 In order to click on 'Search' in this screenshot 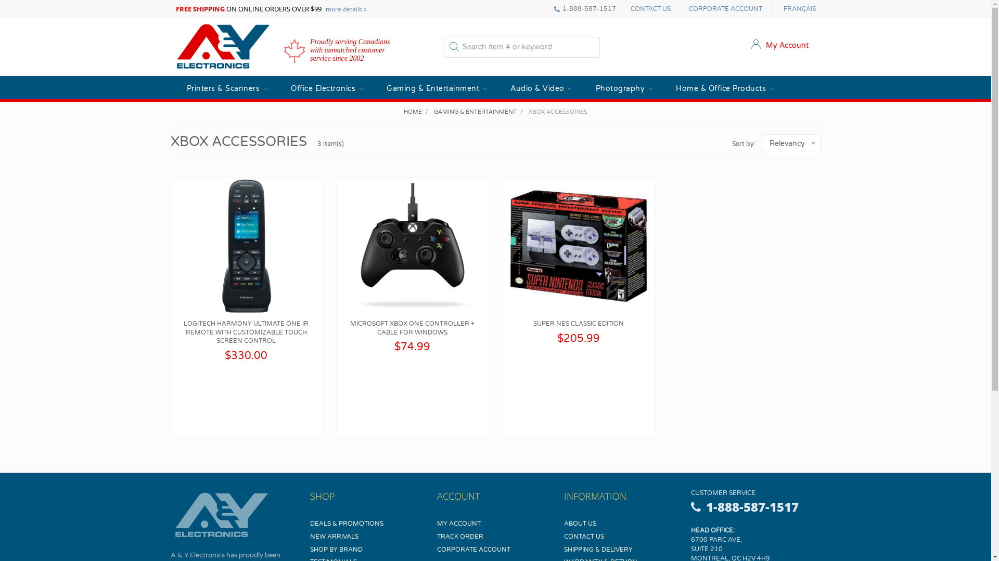, I will do `click(454, 48)`.